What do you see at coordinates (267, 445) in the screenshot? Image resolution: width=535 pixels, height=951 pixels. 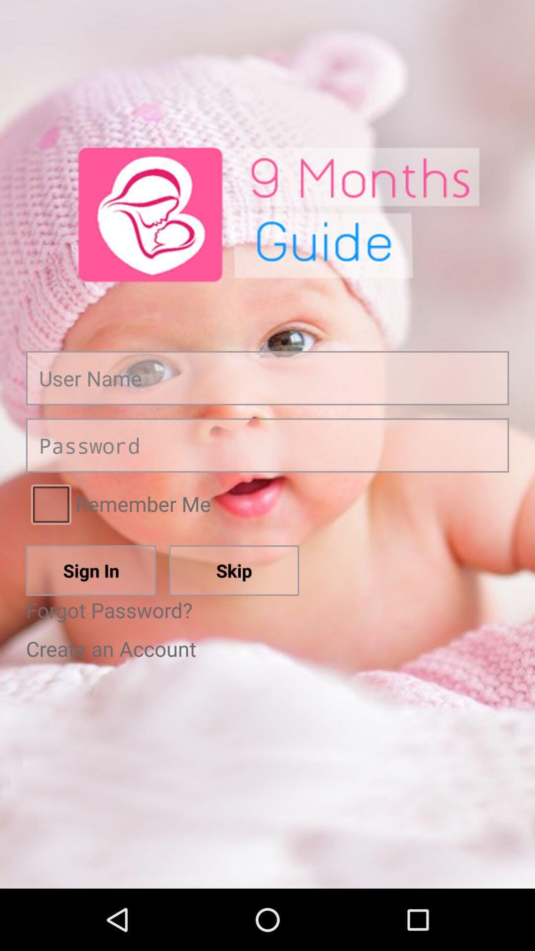 I see `the password` at bounding box center [267, 445].